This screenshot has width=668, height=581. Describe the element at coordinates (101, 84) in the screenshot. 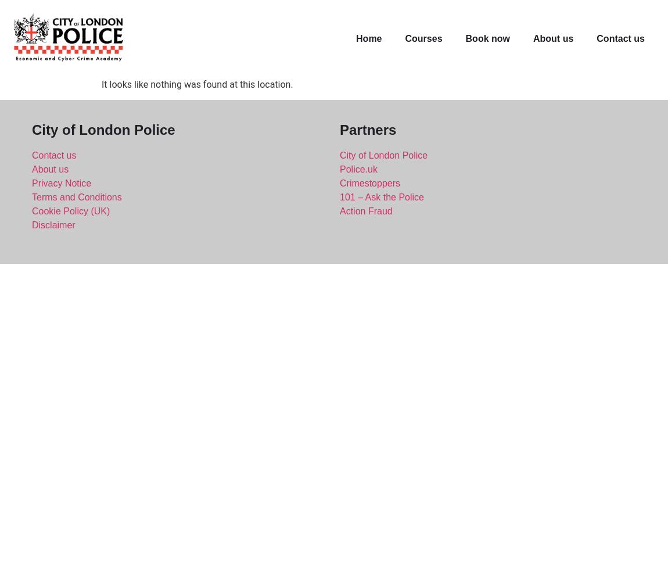

I see `'It looks like nothing was found at this location.'` at that location.